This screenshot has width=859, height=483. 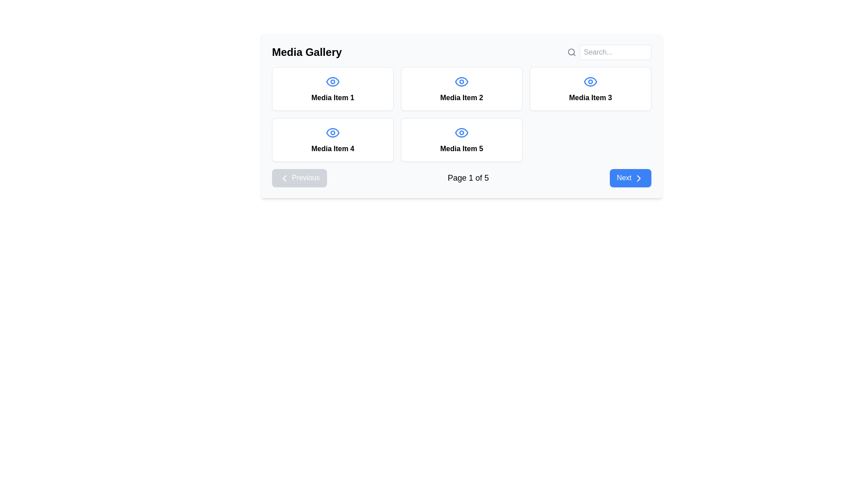 I want to click on the text label displaying 'Media Item 5', which is prominently bold and located in the bottom-right cell of a 2x3 grid layout, so click(x=462, y=148).